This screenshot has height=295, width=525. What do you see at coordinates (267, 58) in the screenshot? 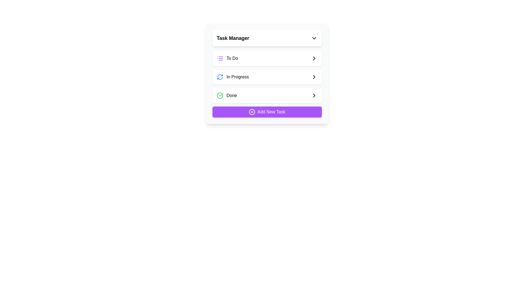
I see `the 'To Do' category button in the task management application` at bounding box center [267, 58].